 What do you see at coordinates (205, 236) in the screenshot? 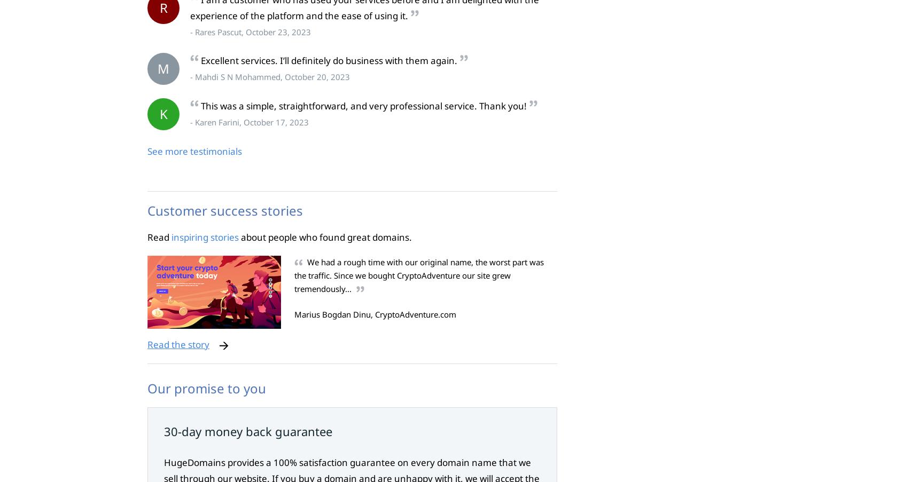
I see `'inspiring stories'` at bounding box center [205, 236].